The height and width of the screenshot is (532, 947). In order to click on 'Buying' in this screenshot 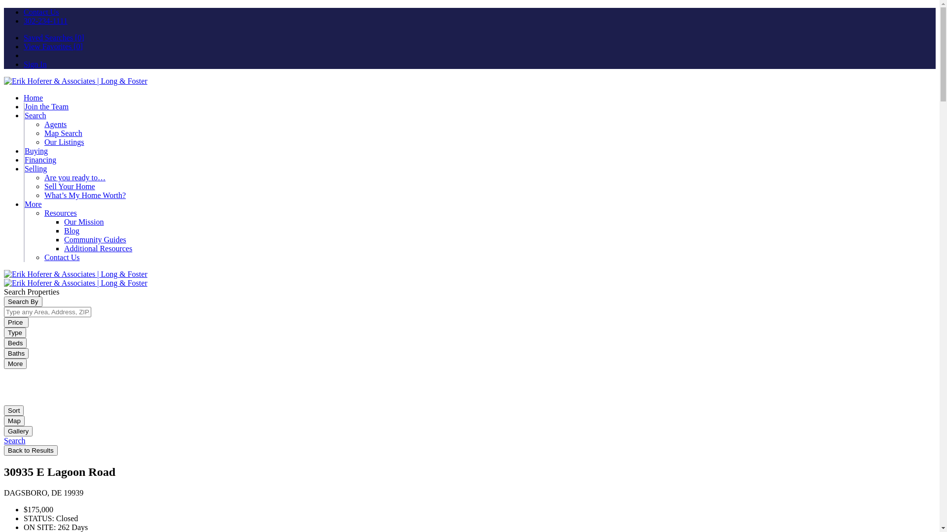, I will do `click(36, 151)`.